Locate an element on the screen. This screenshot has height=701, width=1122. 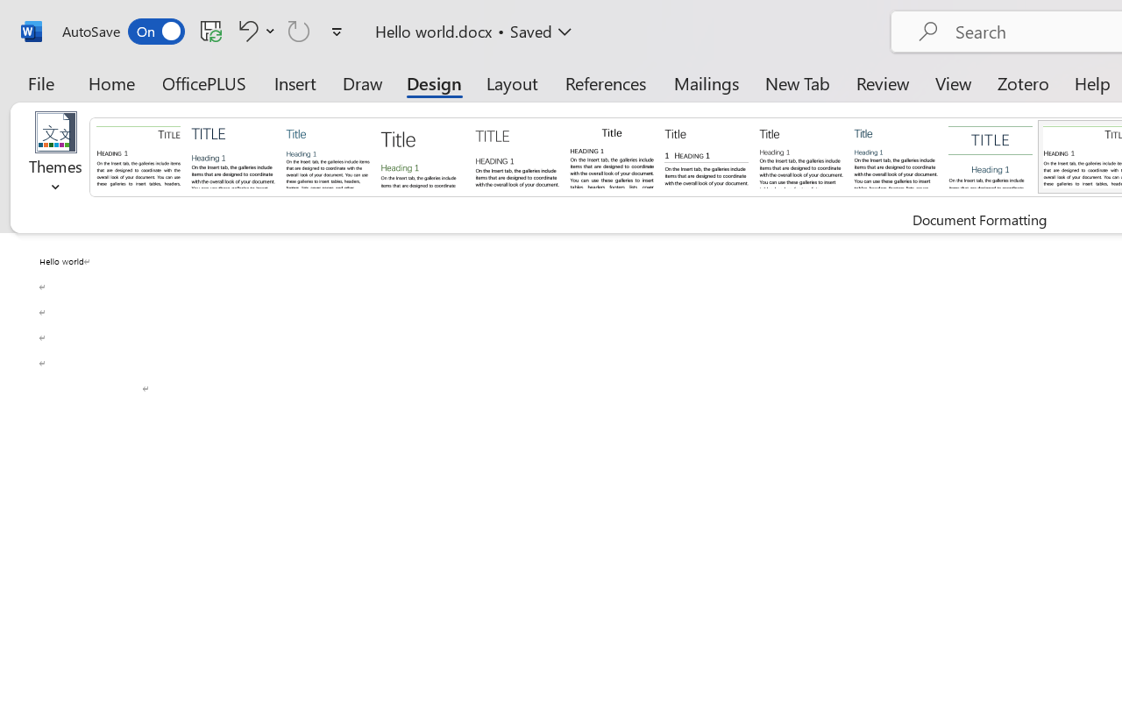
'AutoSave' is located at coordinates (122, 31).